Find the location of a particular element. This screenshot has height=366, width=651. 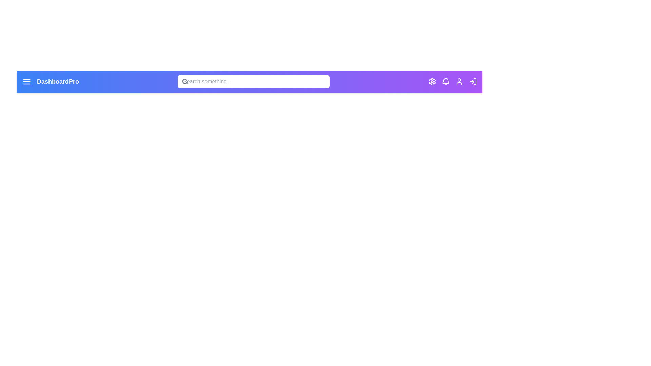

the menu icon to open the navigation drawer is located at coordinates (26, 81).